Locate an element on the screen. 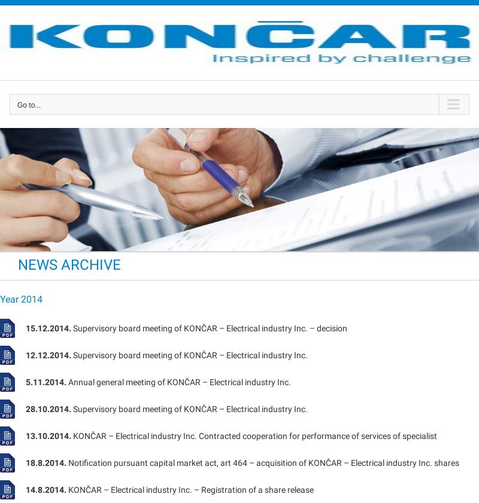 The width and height of the screenshot is (479, 503). 'Annual general meeting of KONČAR – Electrical industry Inc.' is located at coordinates (178, 381).